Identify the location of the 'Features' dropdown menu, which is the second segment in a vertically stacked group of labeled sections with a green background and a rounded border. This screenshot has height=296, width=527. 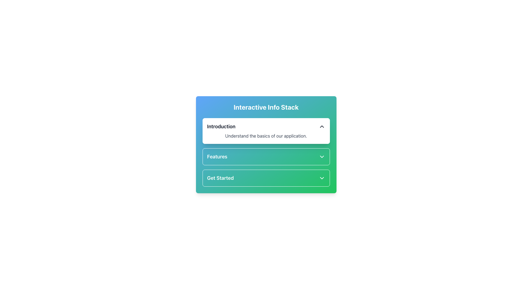
(266, 156).